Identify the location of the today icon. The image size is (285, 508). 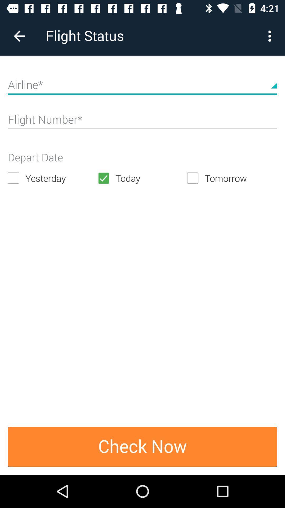
(142, 178).